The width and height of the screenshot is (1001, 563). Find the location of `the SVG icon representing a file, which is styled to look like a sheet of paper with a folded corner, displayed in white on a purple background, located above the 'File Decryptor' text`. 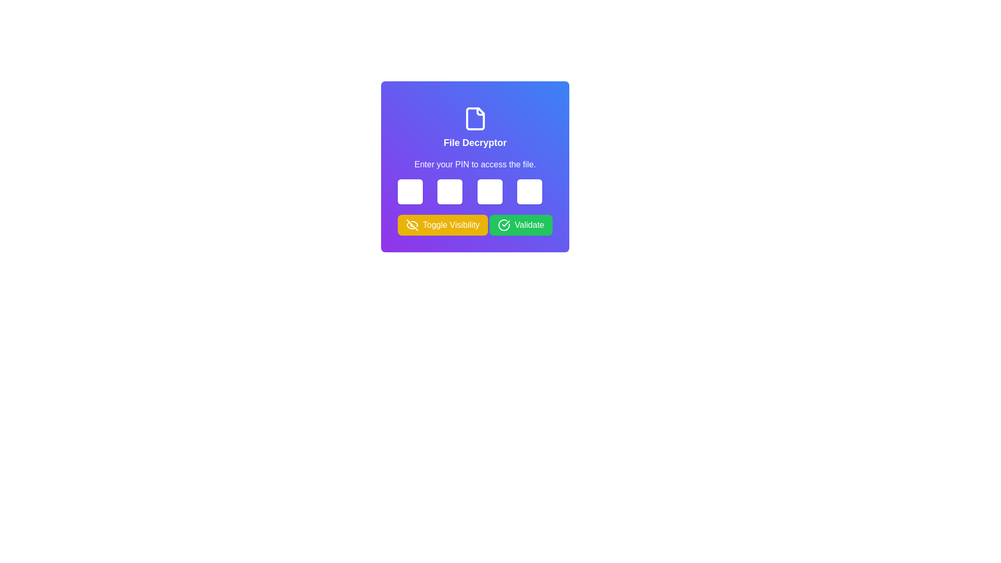

the SVG icon representing a file, which is styled to look like a sheet of paper with a folded corner, displayed in white on a purple background, located above the 'File Decryptor' text is located at coordinates (474, 118).